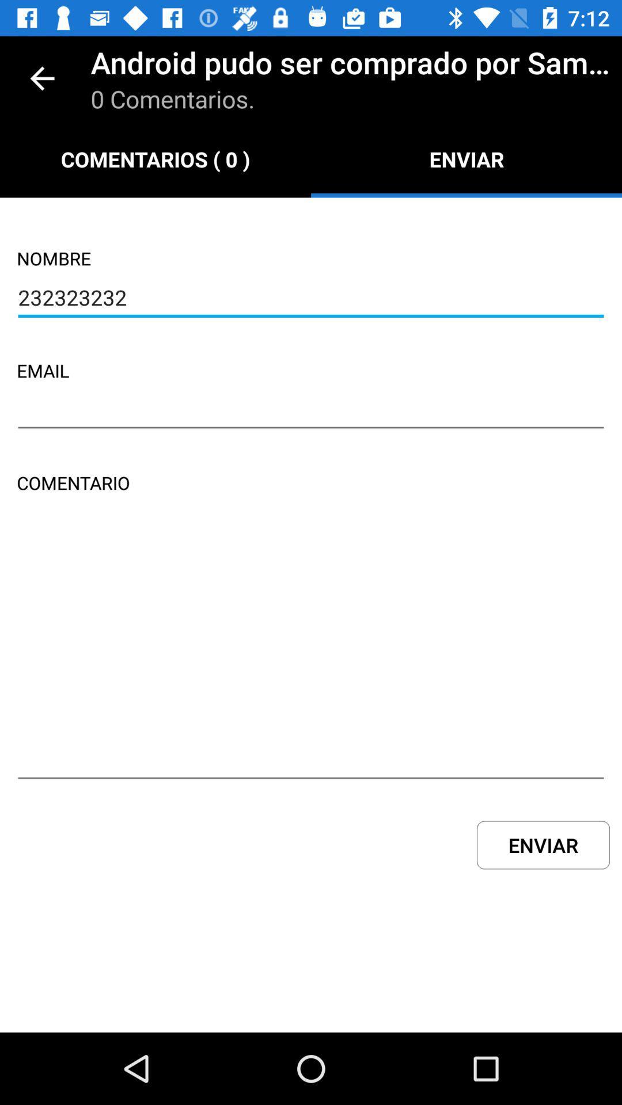 The height and width of the screenshot is (1105, 622). I want to click on comments, so click(311, 654).